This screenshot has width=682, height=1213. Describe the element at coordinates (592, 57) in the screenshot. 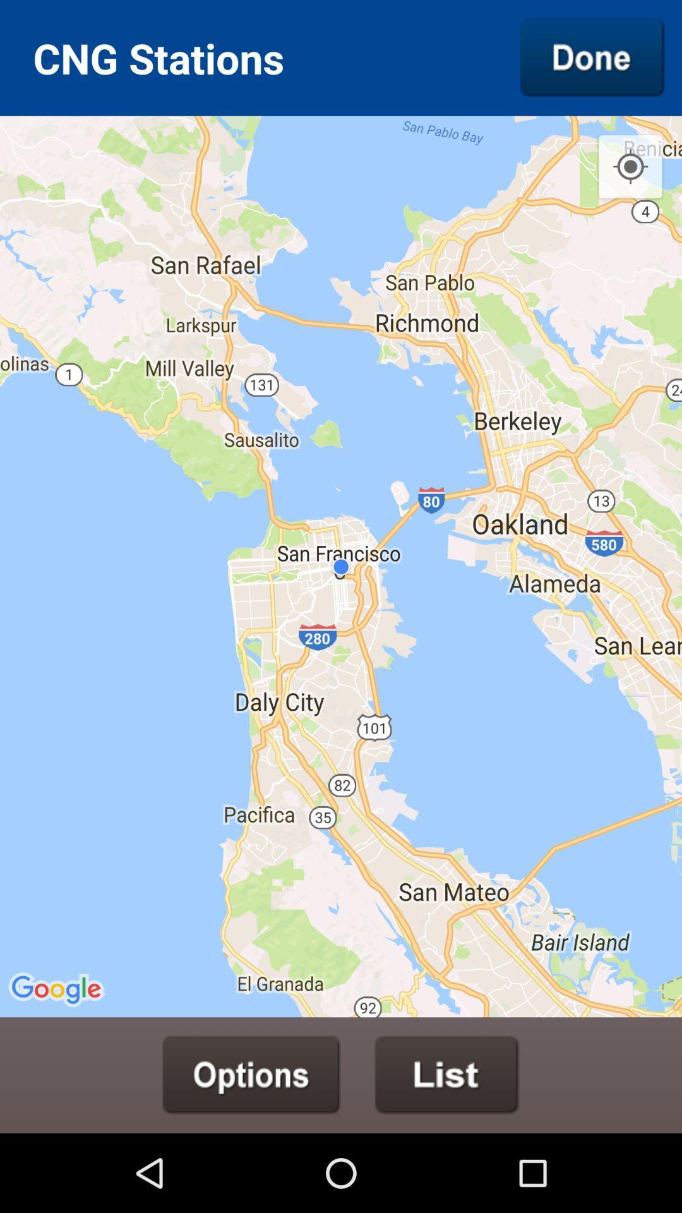

I see `done button` at that location.